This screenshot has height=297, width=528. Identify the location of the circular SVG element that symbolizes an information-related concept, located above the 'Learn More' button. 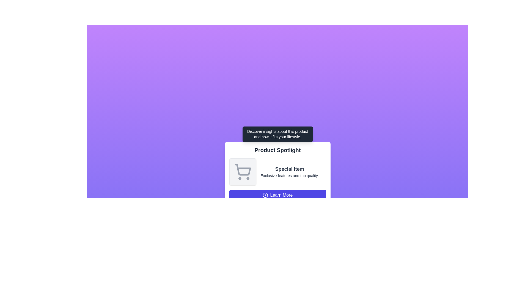
(265, 195).